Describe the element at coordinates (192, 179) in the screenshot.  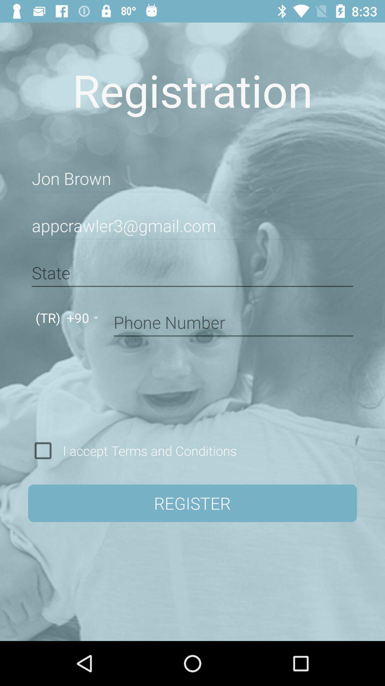
I see `item below registration icon` at that location.